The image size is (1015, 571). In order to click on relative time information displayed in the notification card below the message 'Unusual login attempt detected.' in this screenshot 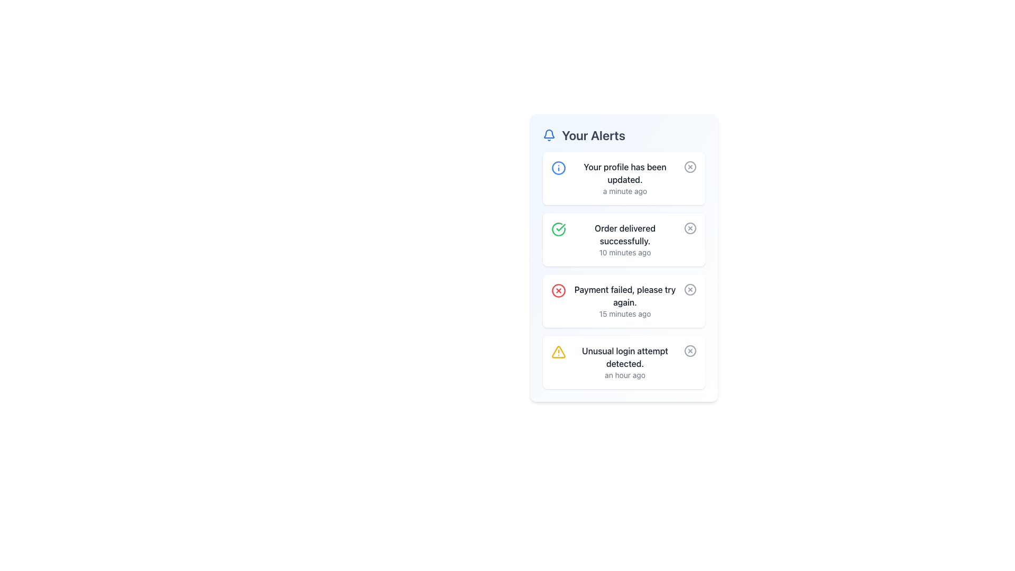, I will do `click(625, 374)`.